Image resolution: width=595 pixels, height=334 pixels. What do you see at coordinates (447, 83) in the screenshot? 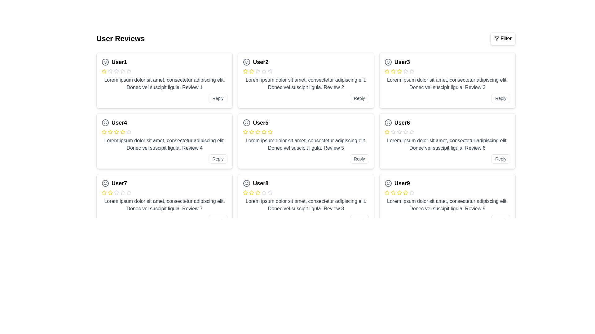
I see `text block containing 'Lorem ipsum dolor sit amet, consectetur adipiscing elit. Donec vel suscipit ligula. Review 3' located below the user identifier of 'User3' in the review section` at bounding box center [447, 83].